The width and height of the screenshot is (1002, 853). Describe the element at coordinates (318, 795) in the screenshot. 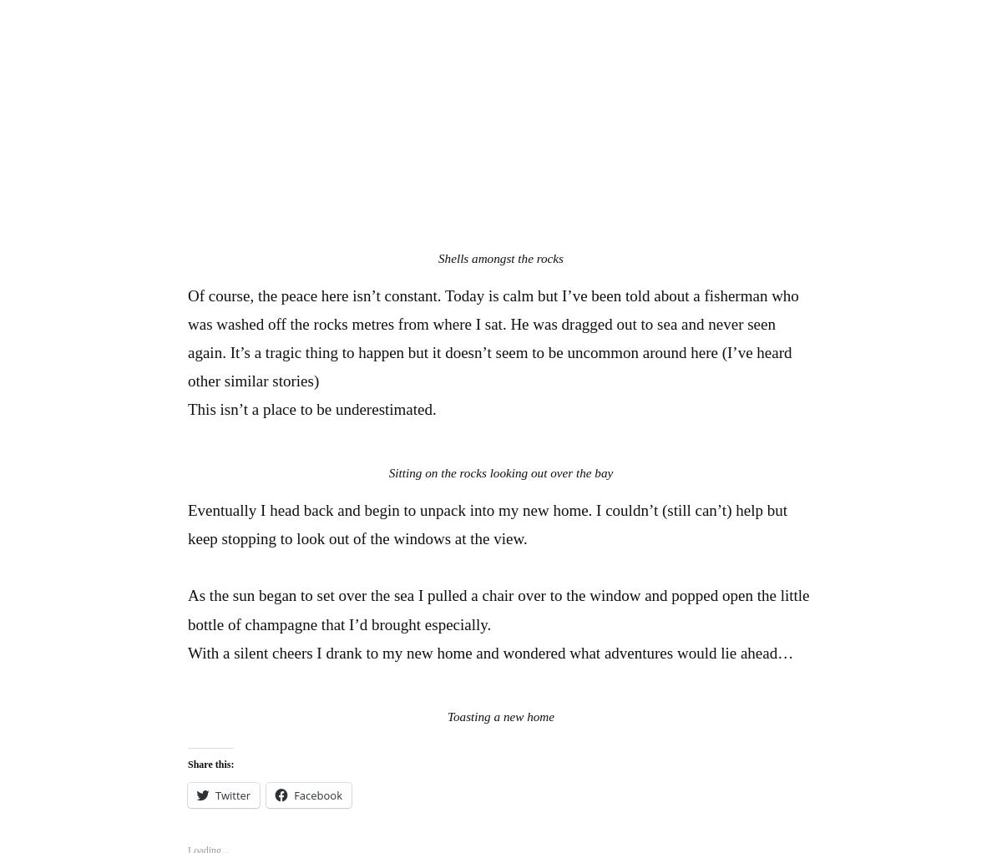

I see `'Facebook'` at that location.